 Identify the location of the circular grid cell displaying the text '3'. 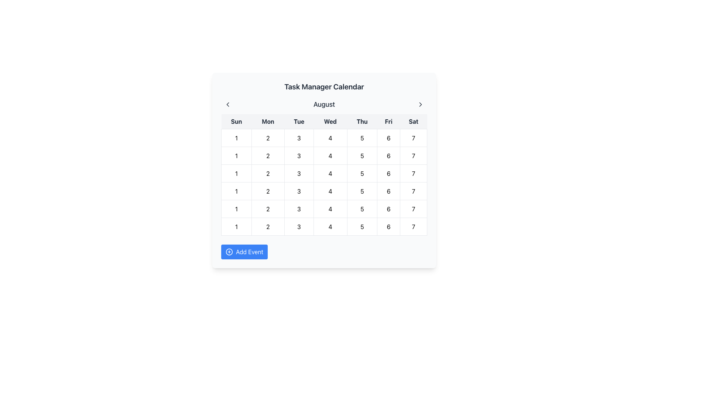
(299, 138).